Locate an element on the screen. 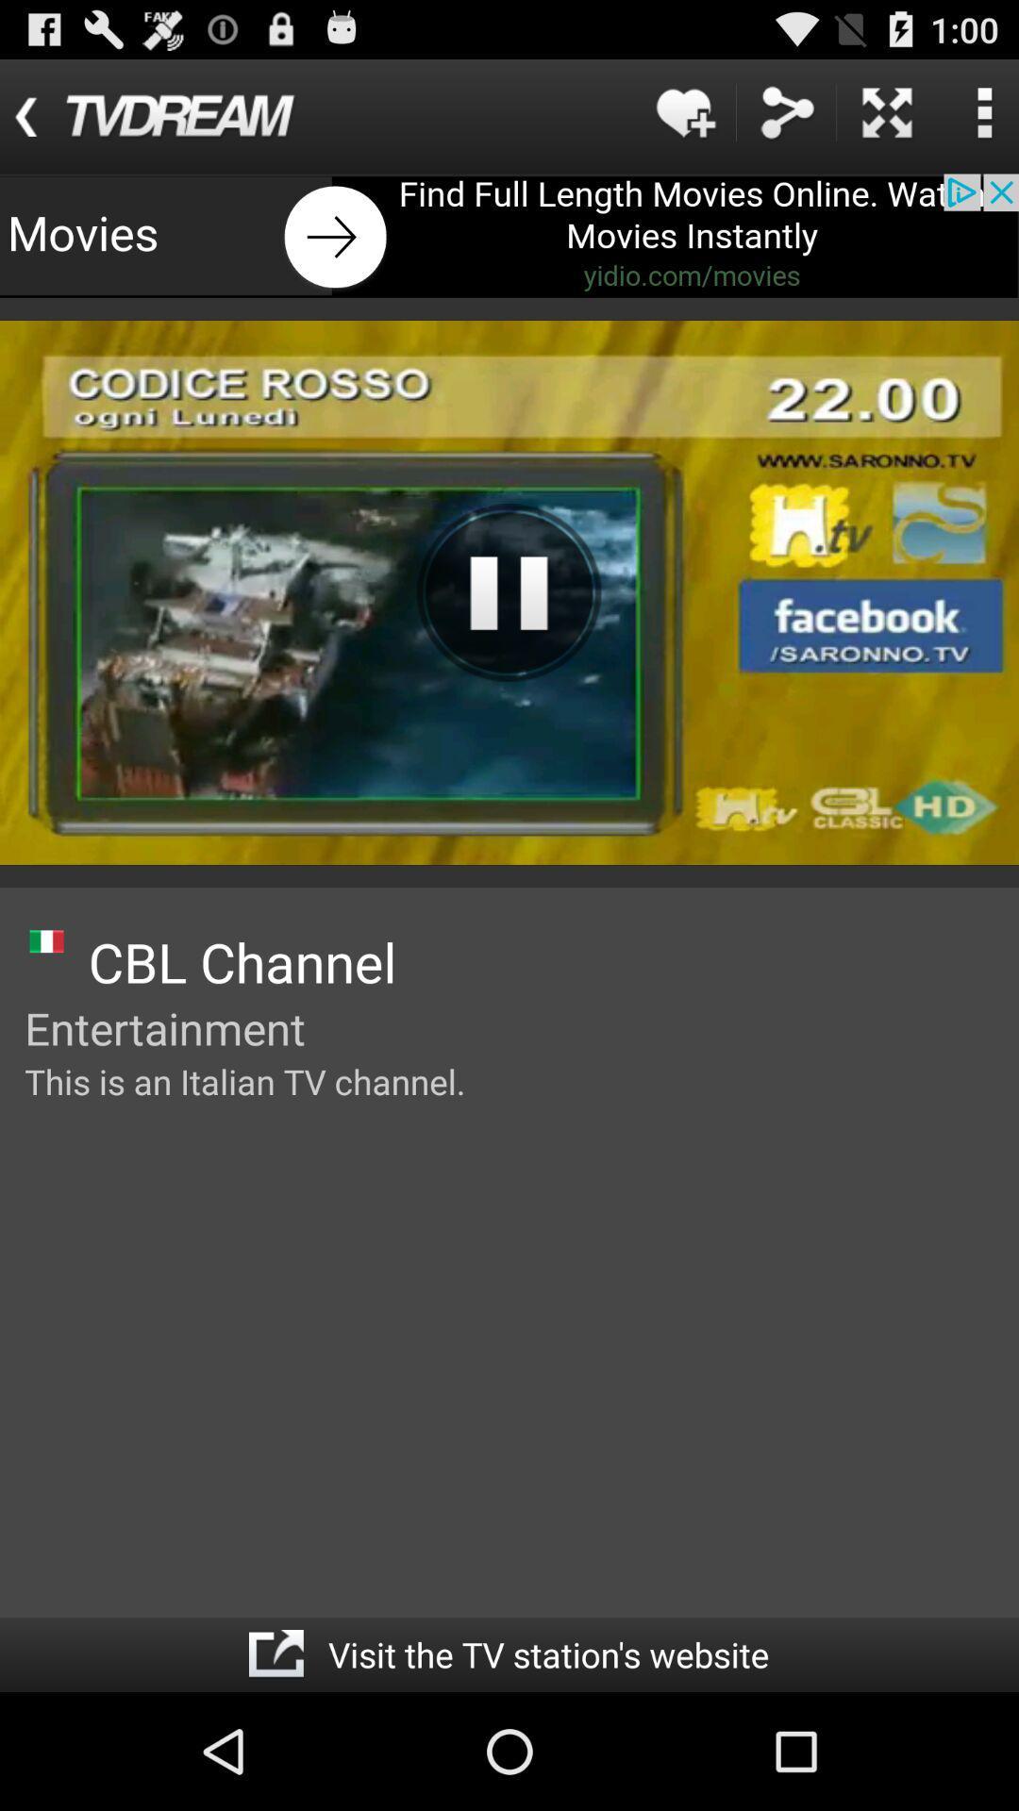 The image size is (1019, 1811). share the article is located at coordinates (786, 111).